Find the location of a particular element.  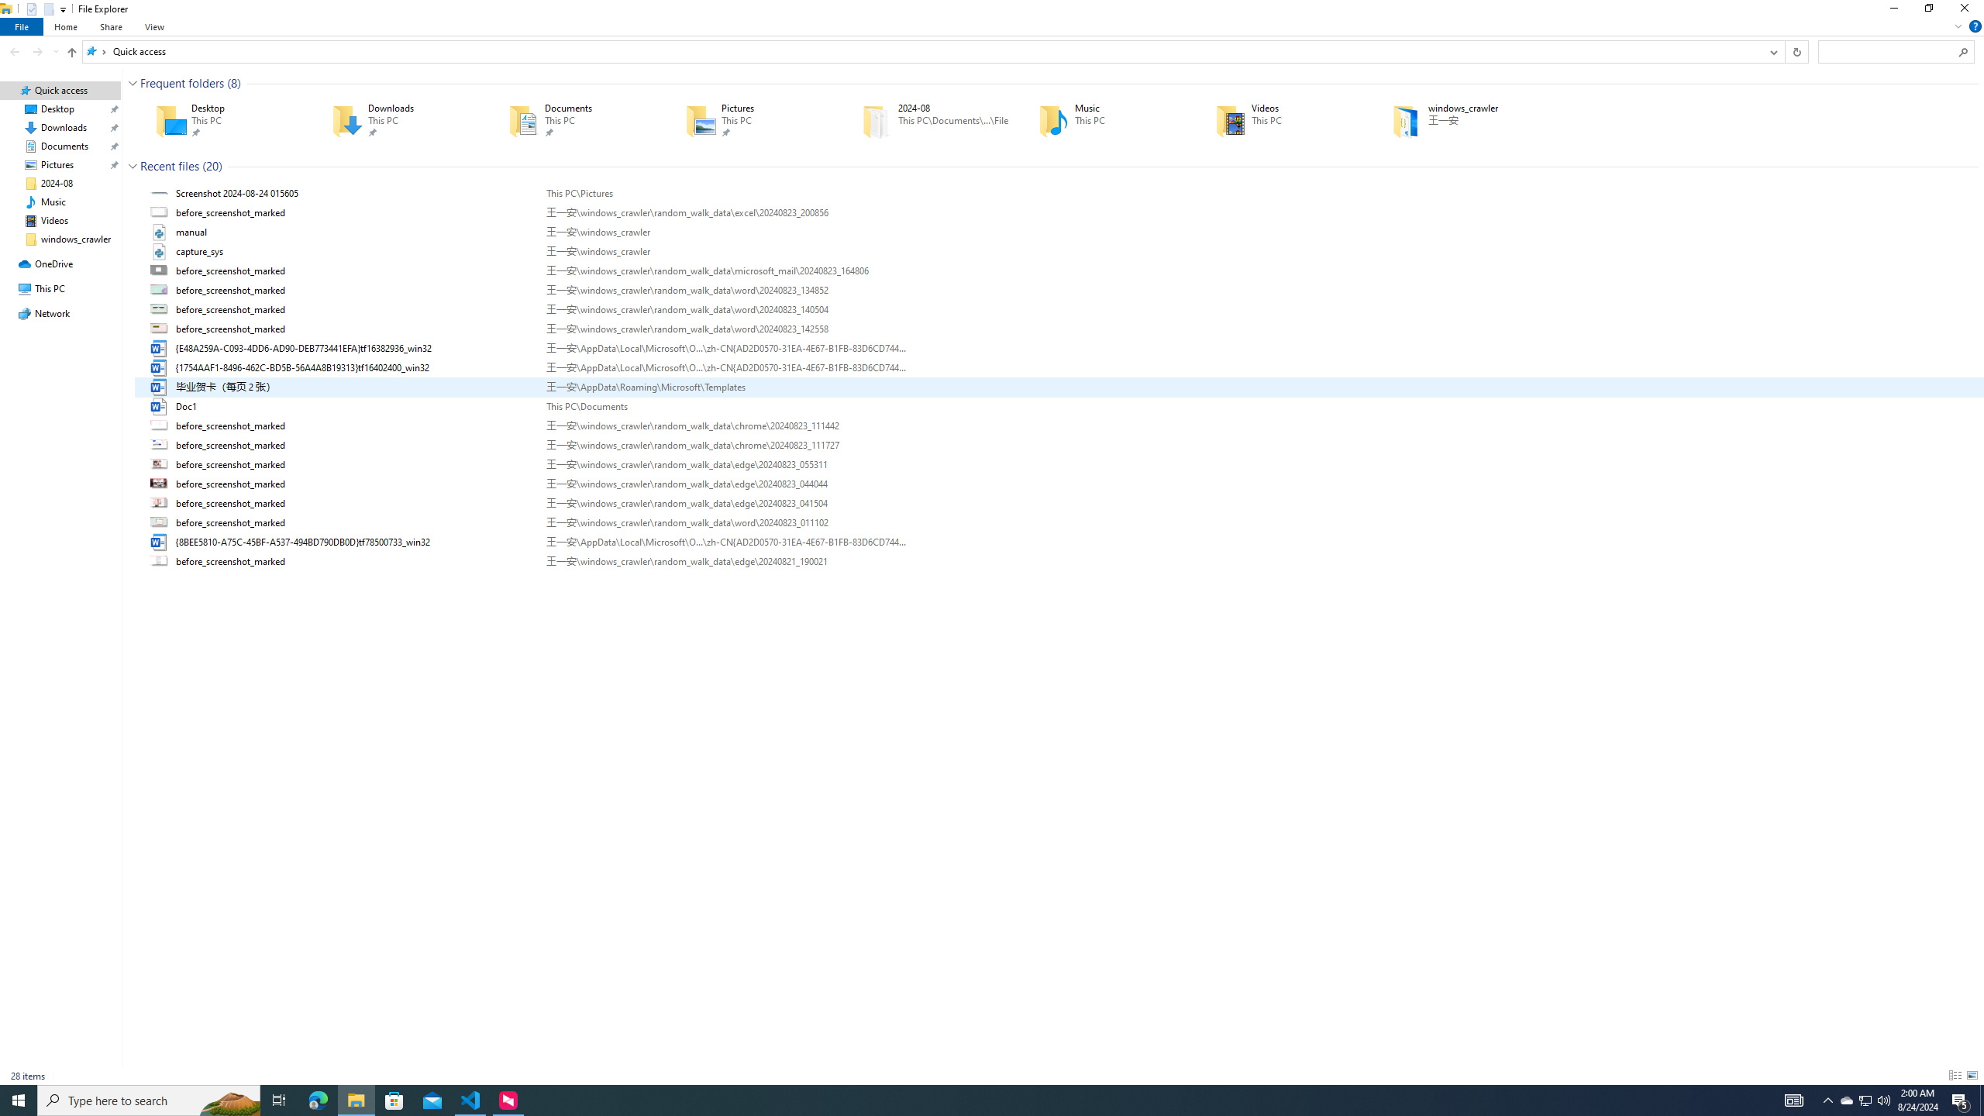

'2024-08' is located at coordinates (928, 119).